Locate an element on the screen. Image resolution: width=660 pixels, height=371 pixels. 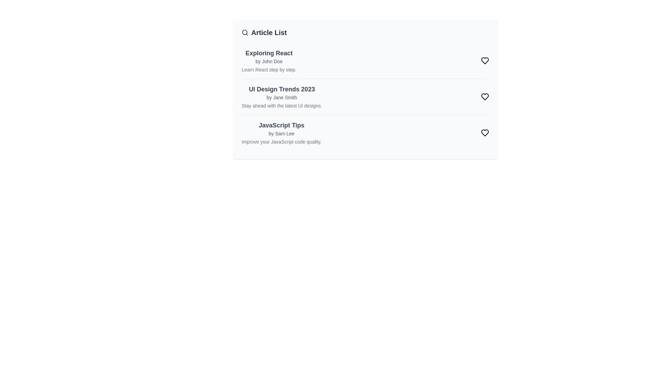
the article titled UI Design Trends 2023 to read its title and snippet is located at coordinates (282, 89).